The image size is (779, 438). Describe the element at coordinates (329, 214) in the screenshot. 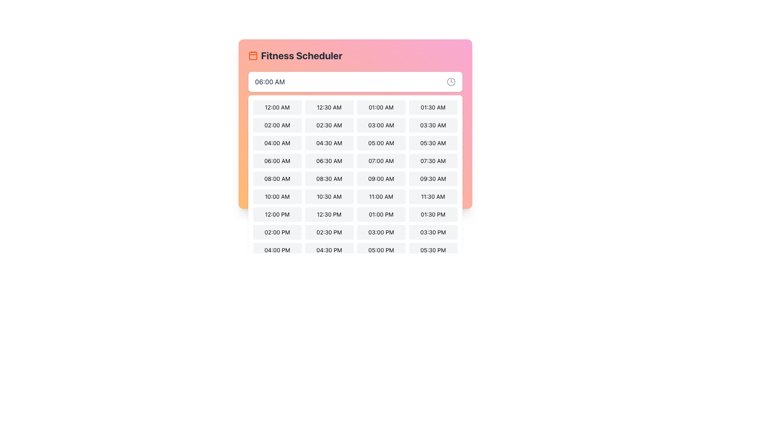

I see `the rounded rectangular button with gray background and black text displaying '12:30 PM'` at that location.